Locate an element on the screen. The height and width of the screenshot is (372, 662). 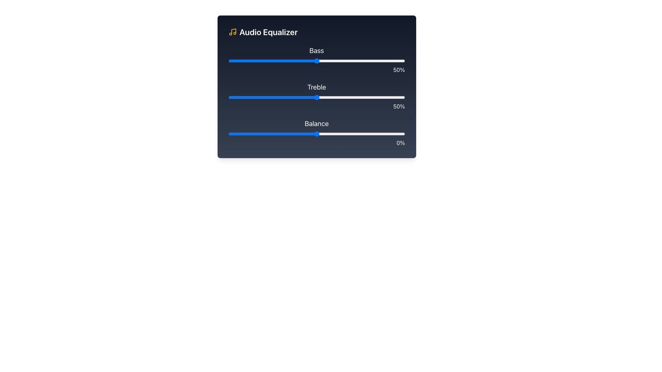
the yellow musical note icon located at the far left of the 'Audio Equalizer' title, which is styled with a minimalist and modern design is located at coordinates (232, 32).